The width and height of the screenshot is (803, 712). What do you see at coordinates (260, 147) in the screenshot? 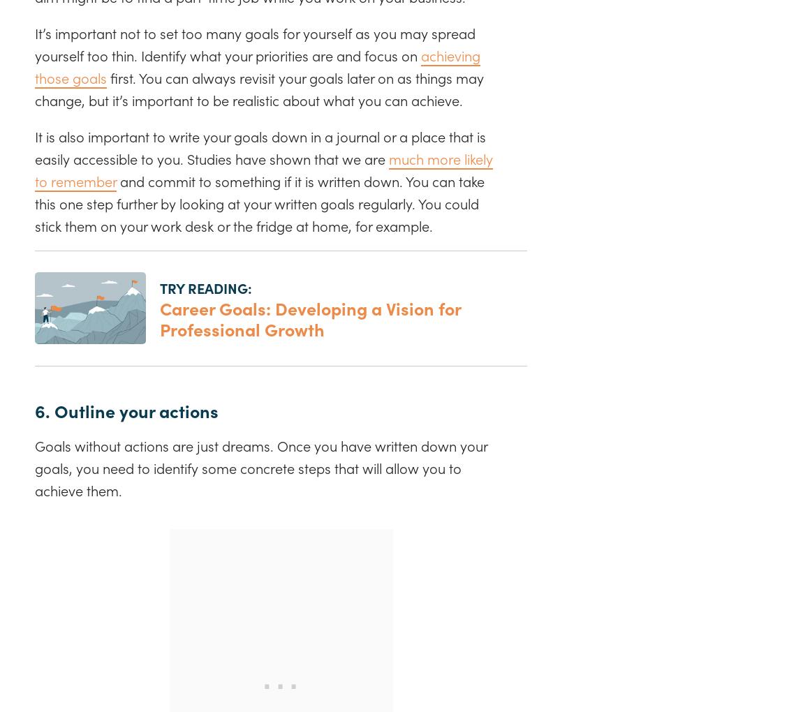
I see `'It is also important to write your goals down in a journal or a place that is easily accessible to you. Studies have shown that we are'` at bounding box center [260, 147].